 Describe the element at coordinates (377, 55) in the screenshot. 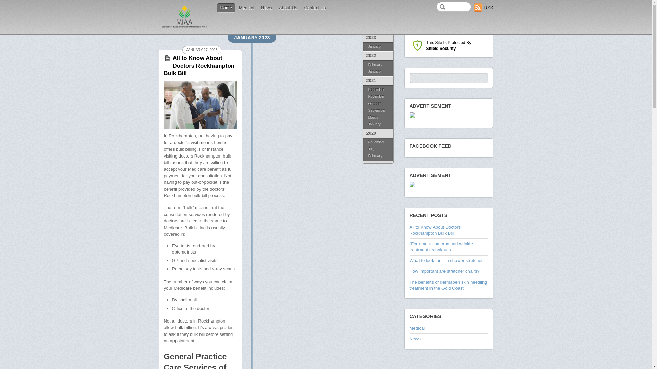

I see `'2022'` at that location.